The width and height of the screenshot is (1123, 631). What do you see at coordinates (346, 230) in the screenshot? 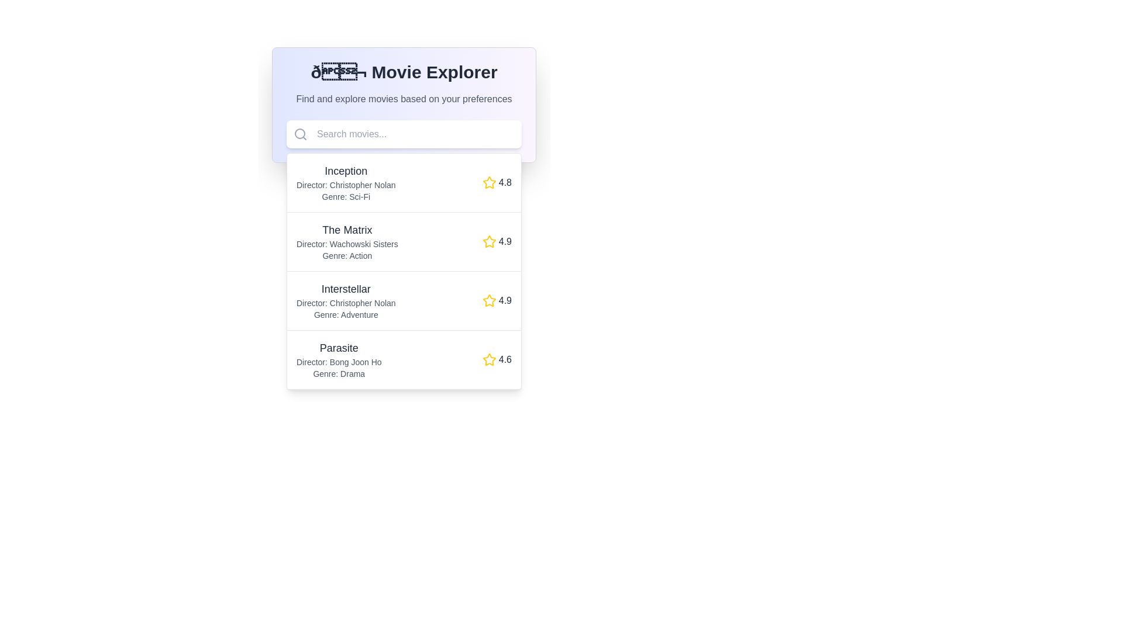
I see `the text label that serves as the title identifier for the movie entry, providing the movie's name to users for selection or informational purposes` at bounding box center [346, 230].